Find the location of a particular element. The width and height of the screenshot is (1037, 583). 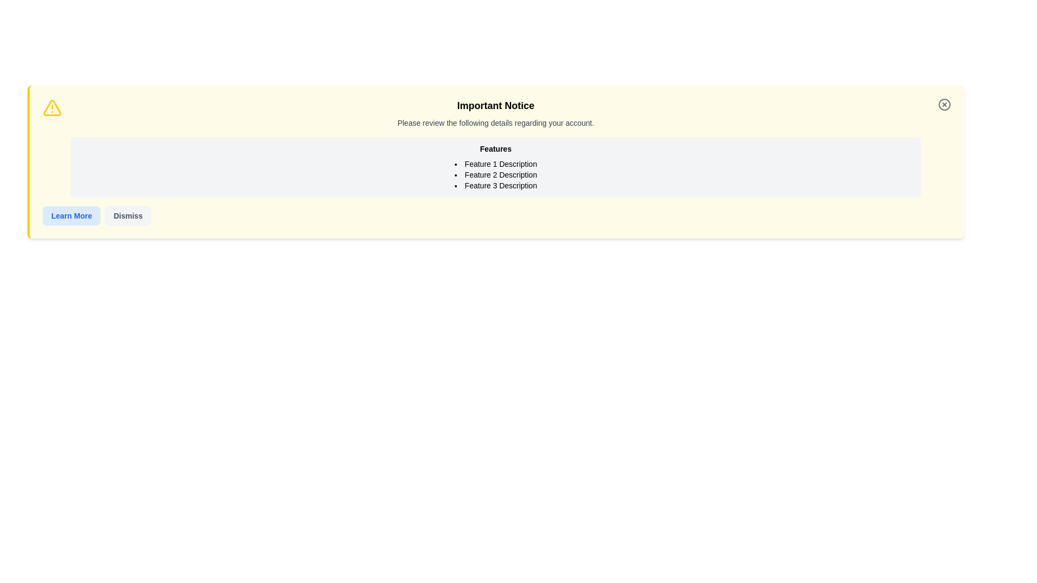

the 'Dismiss' button, which is a small rectangular button with rounded corners and a light gray background, located at the bottom of the notification box is located at coordinates (128, 216).